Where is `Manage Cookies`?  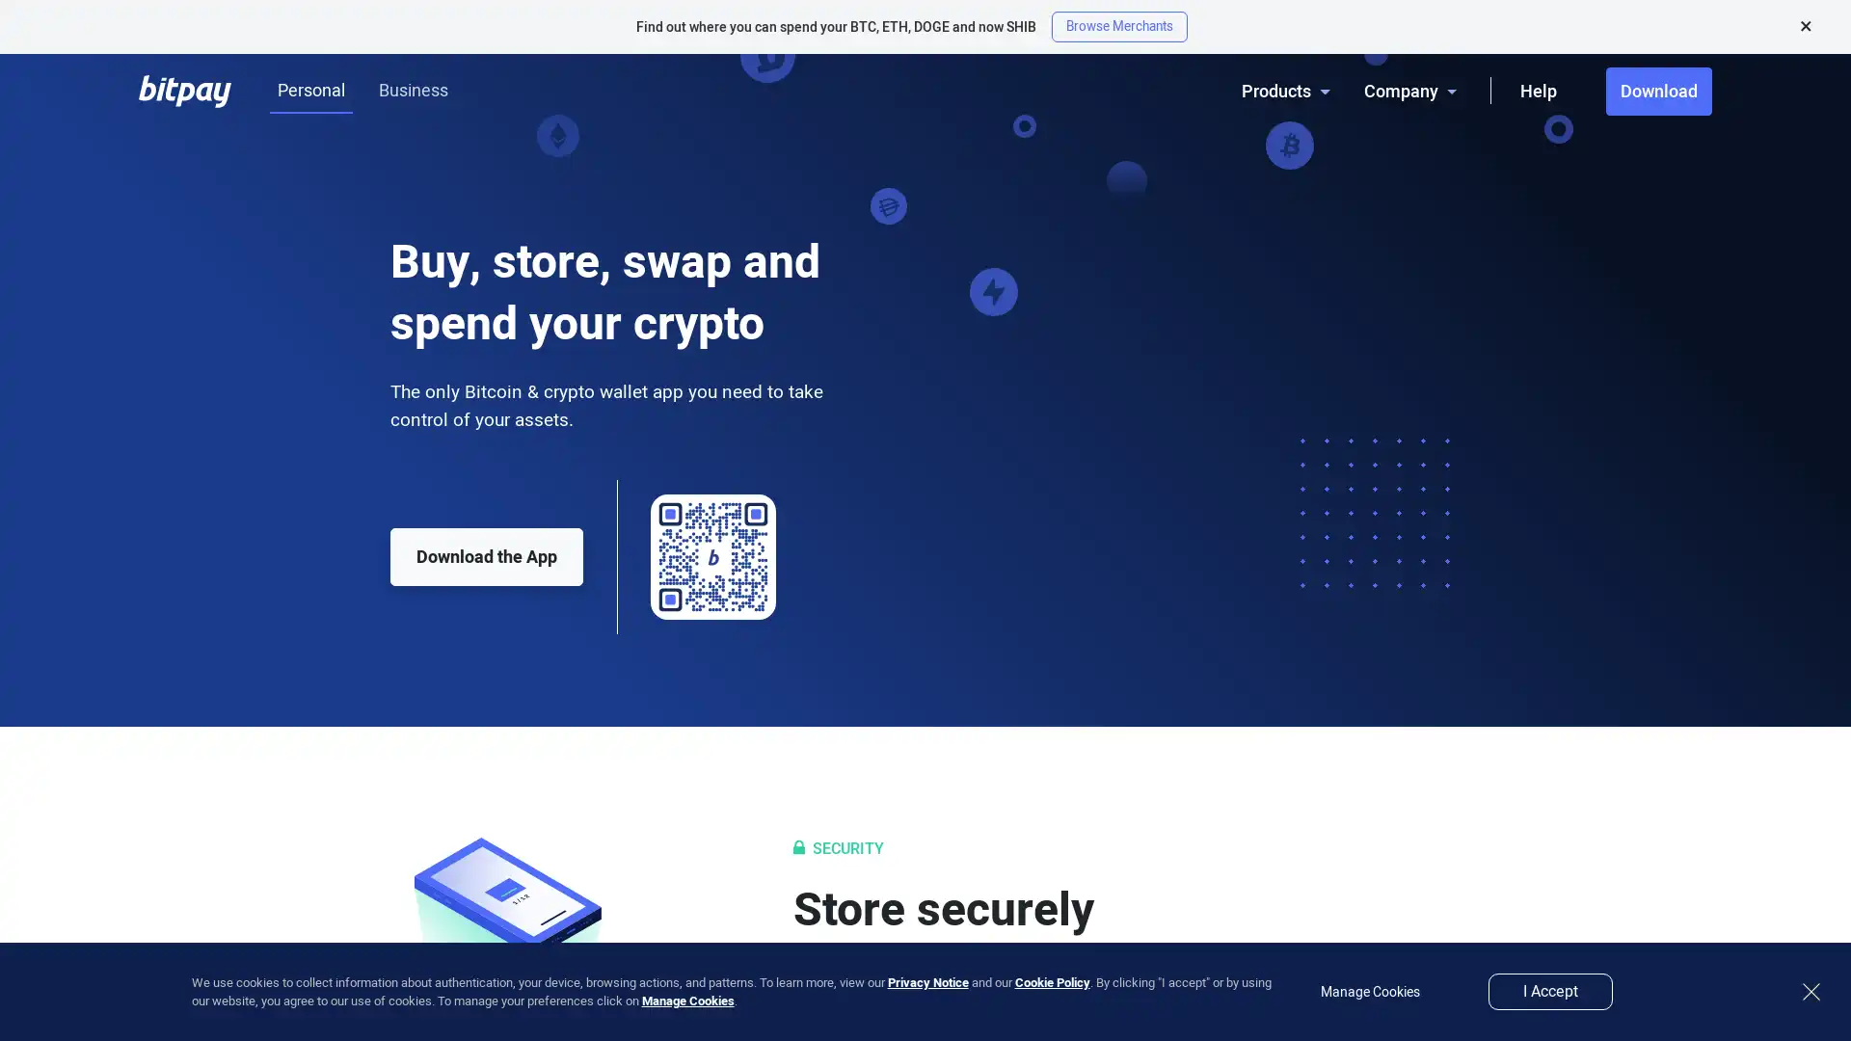
Manage Cookies is located at coordinates (1369, 991).